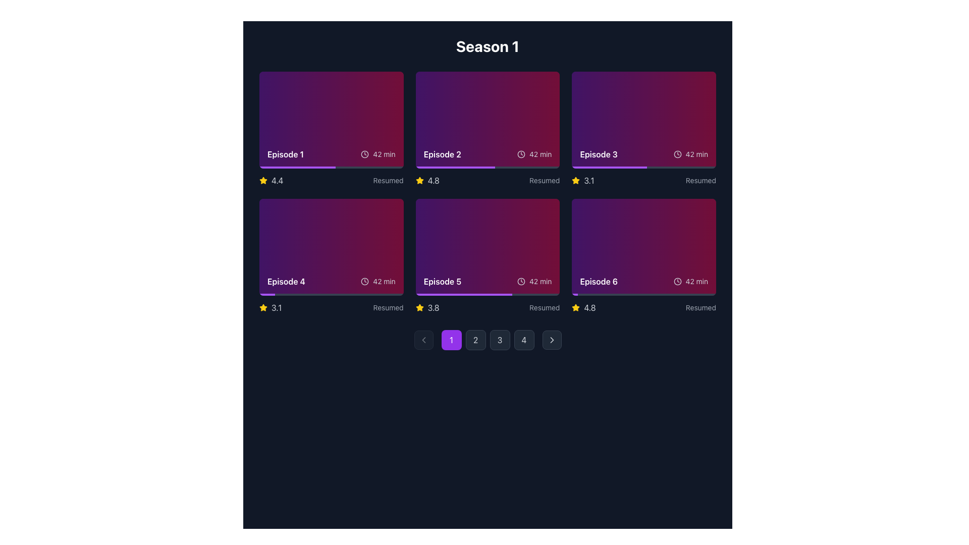 The image size is (969, 545). What do you see at coordinates (534, 154) in the screenshot?
I see `the text display component showing '42 min' with a clock icon, located in the upper-right section of the 'Episode 2' card` at bounding box center [534, 154].